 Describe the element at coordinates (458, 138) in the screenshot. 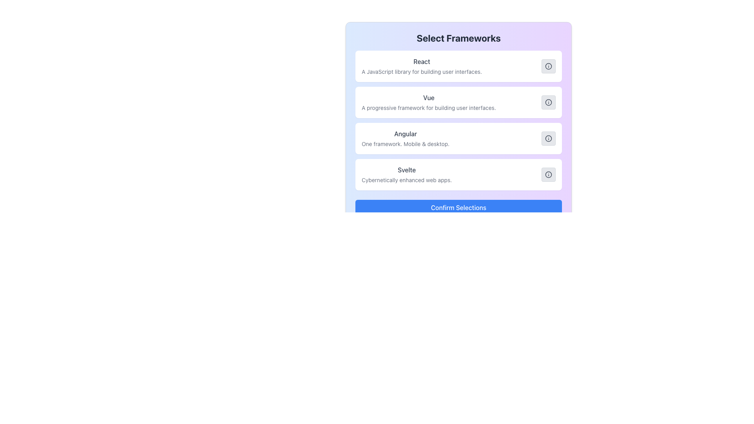

I see `the 'Angular' list item` at that location.